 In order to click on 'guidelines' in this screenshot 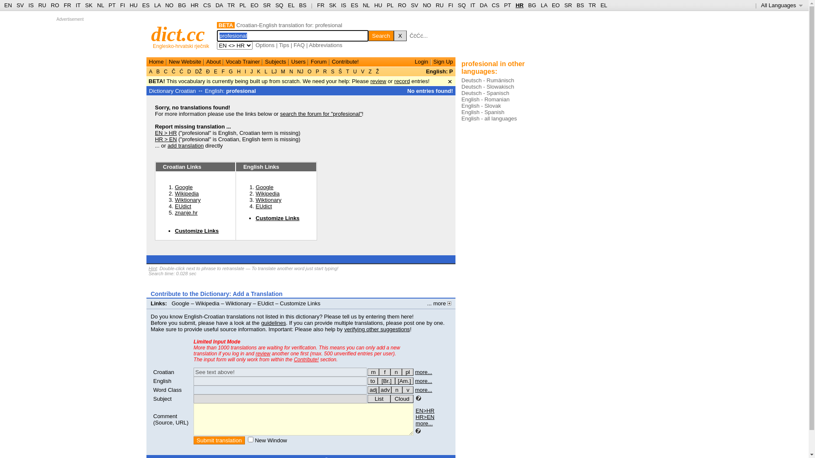, I will do `click(273, 323)`.